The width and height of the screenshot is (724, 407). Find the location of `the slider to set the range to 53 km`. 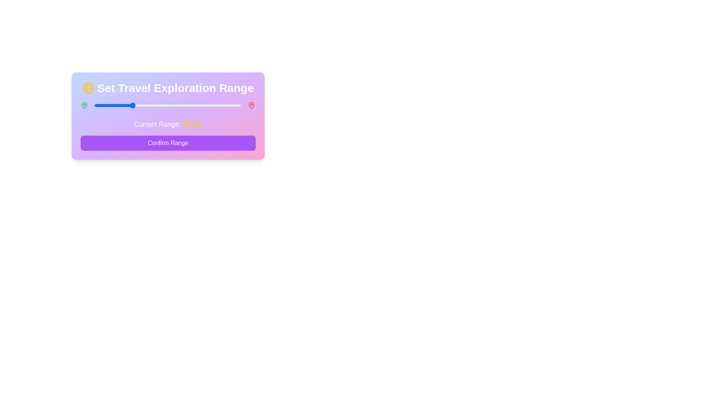

the slider to set the range to 53 km is located at coordinates (133, 106).